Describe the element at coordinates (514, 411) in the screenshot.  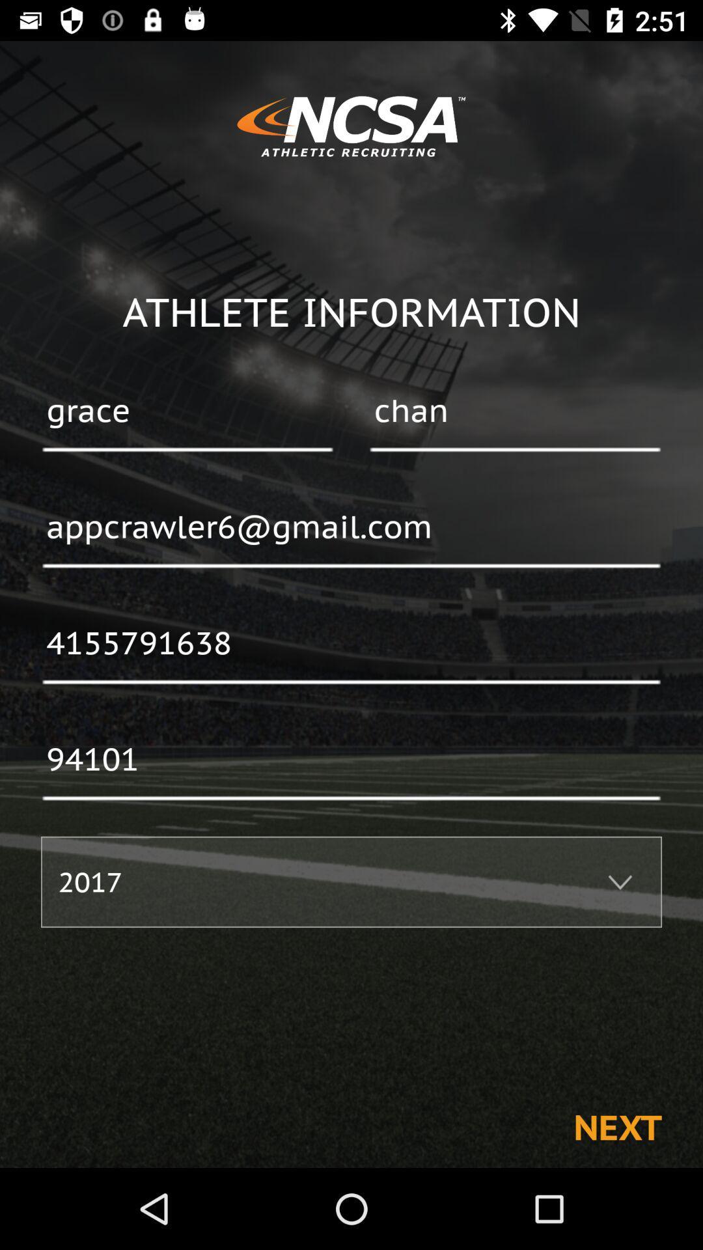
I see `the icon at the top right corner` at that location.